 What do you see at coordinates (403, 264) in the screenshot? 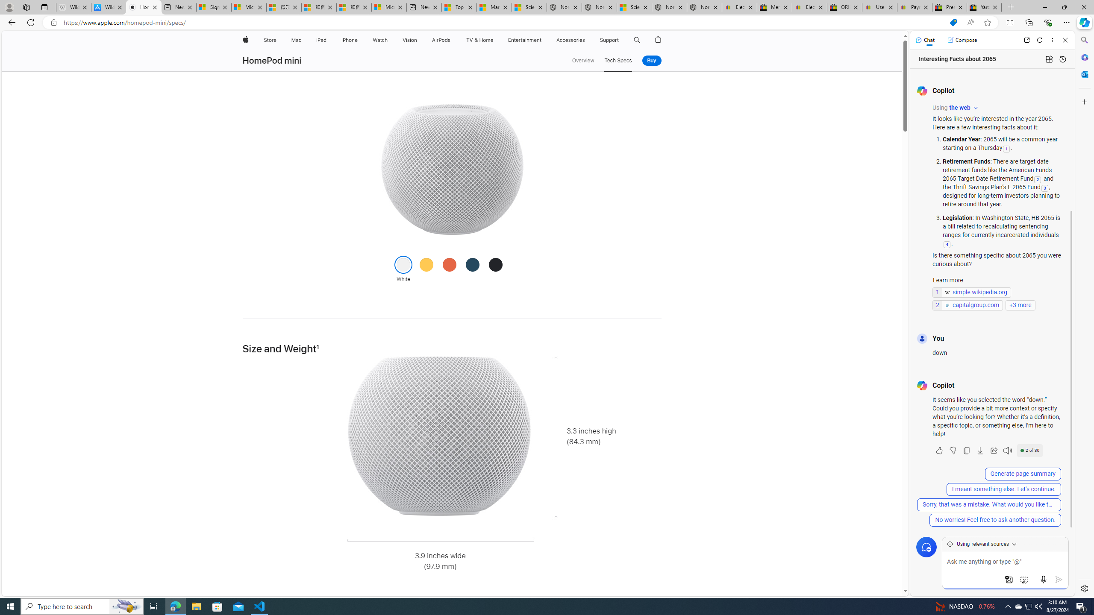
I see `'White'` at bounding box center [403, 264].